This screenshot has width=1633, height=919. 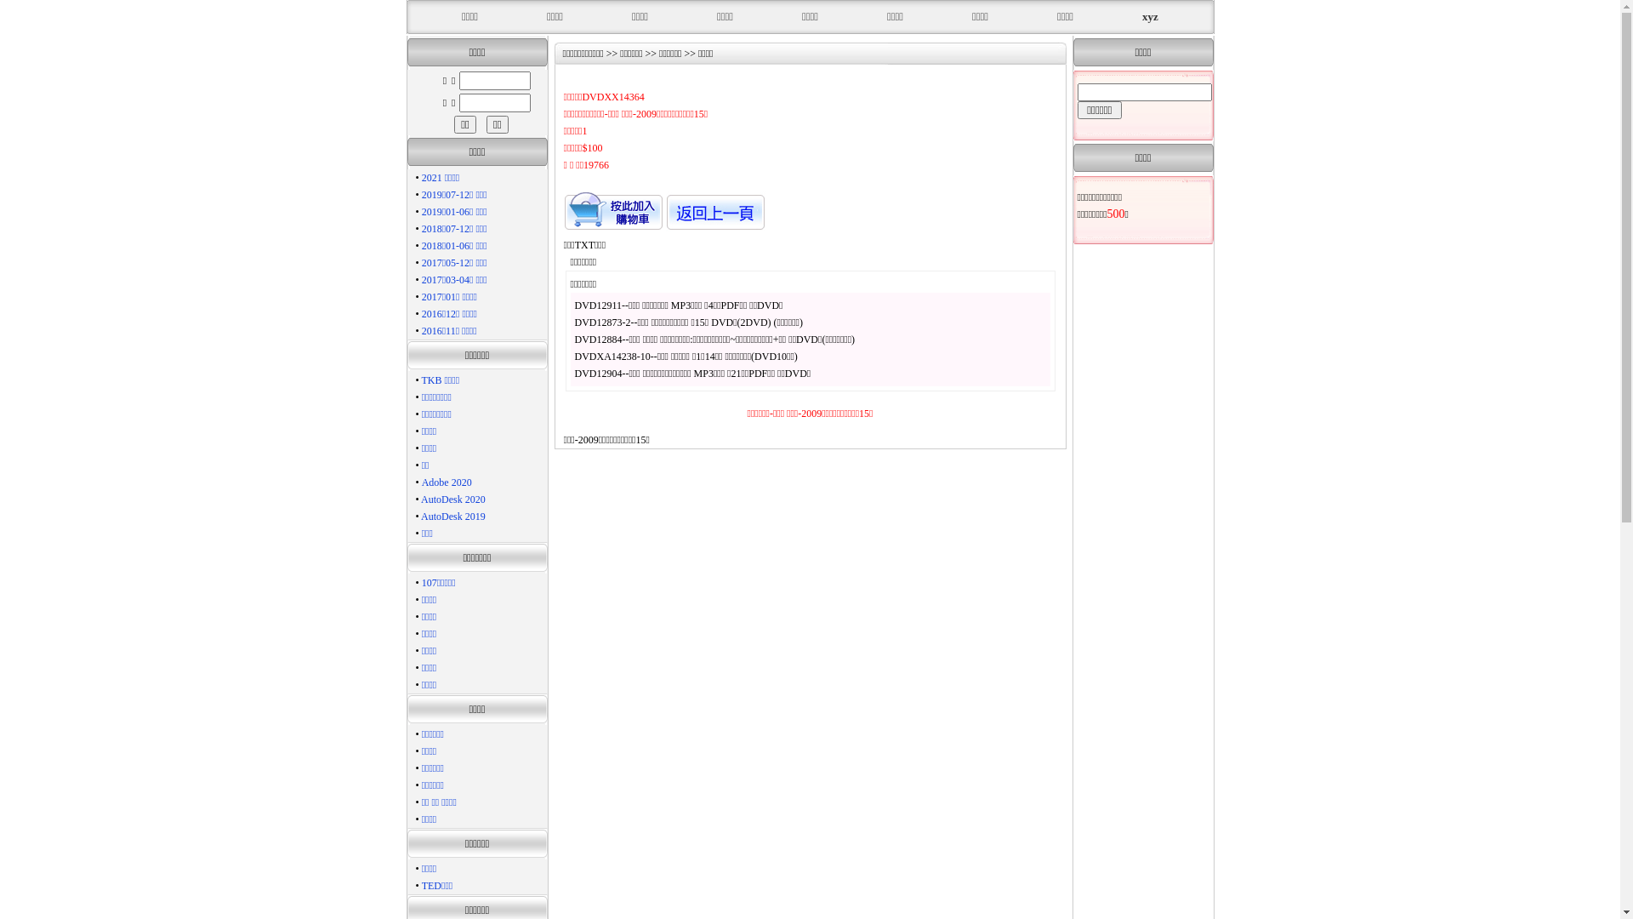 What do you see at coordinates (420, 515) in the screenshot?
I see `'AutoDesk 2019'` at bounding box center [420, 515].